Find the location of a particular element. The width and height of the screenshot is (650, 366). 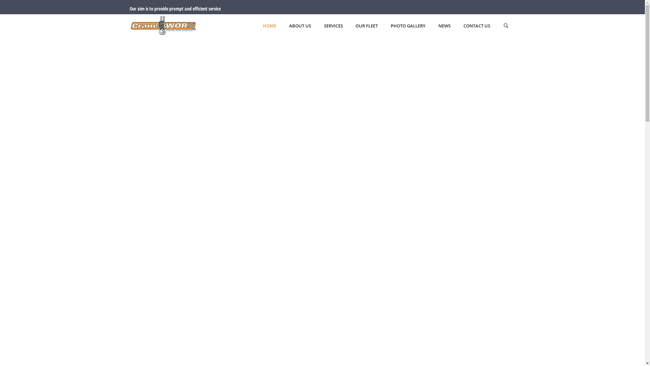

'PHOTO GALLERY' is located at coordinates (384, 26).